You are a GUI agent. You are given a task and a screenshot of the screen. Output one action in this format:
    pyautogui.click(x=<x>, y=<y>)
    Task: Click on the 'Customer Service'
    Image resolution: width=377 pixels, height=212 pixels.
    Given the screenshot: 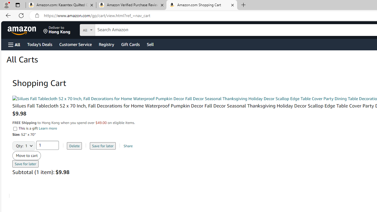 What is the action you would take?
    pyautogui.click(x=75, y=44)
    